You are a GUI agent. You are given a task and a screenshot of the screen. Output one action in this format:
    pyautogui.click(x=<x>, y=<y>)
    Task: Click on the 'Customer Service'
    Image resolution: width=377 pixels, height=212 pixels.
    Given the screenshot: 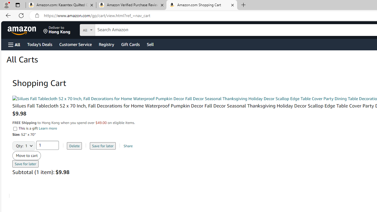 What is the action you would take?
    pyautogui.click(x=75, y=44)
    